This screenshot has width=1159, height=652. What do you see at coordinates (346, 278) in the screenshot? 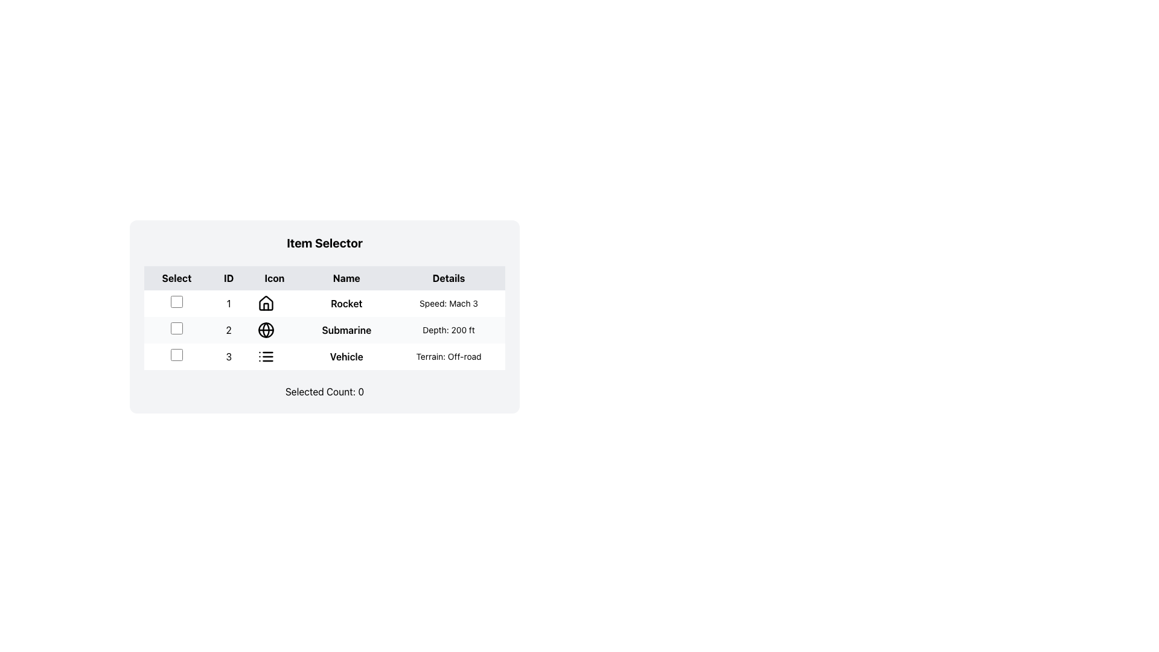
I see `the 'Name' text label in the header row of the table, which is the fourth header with a grey background and black bold text` at bounding box center [346, 278].